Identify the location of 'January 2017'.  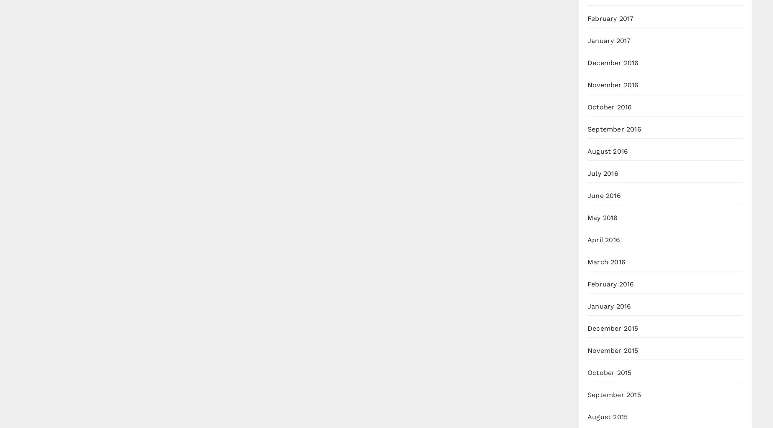
(609, 41).